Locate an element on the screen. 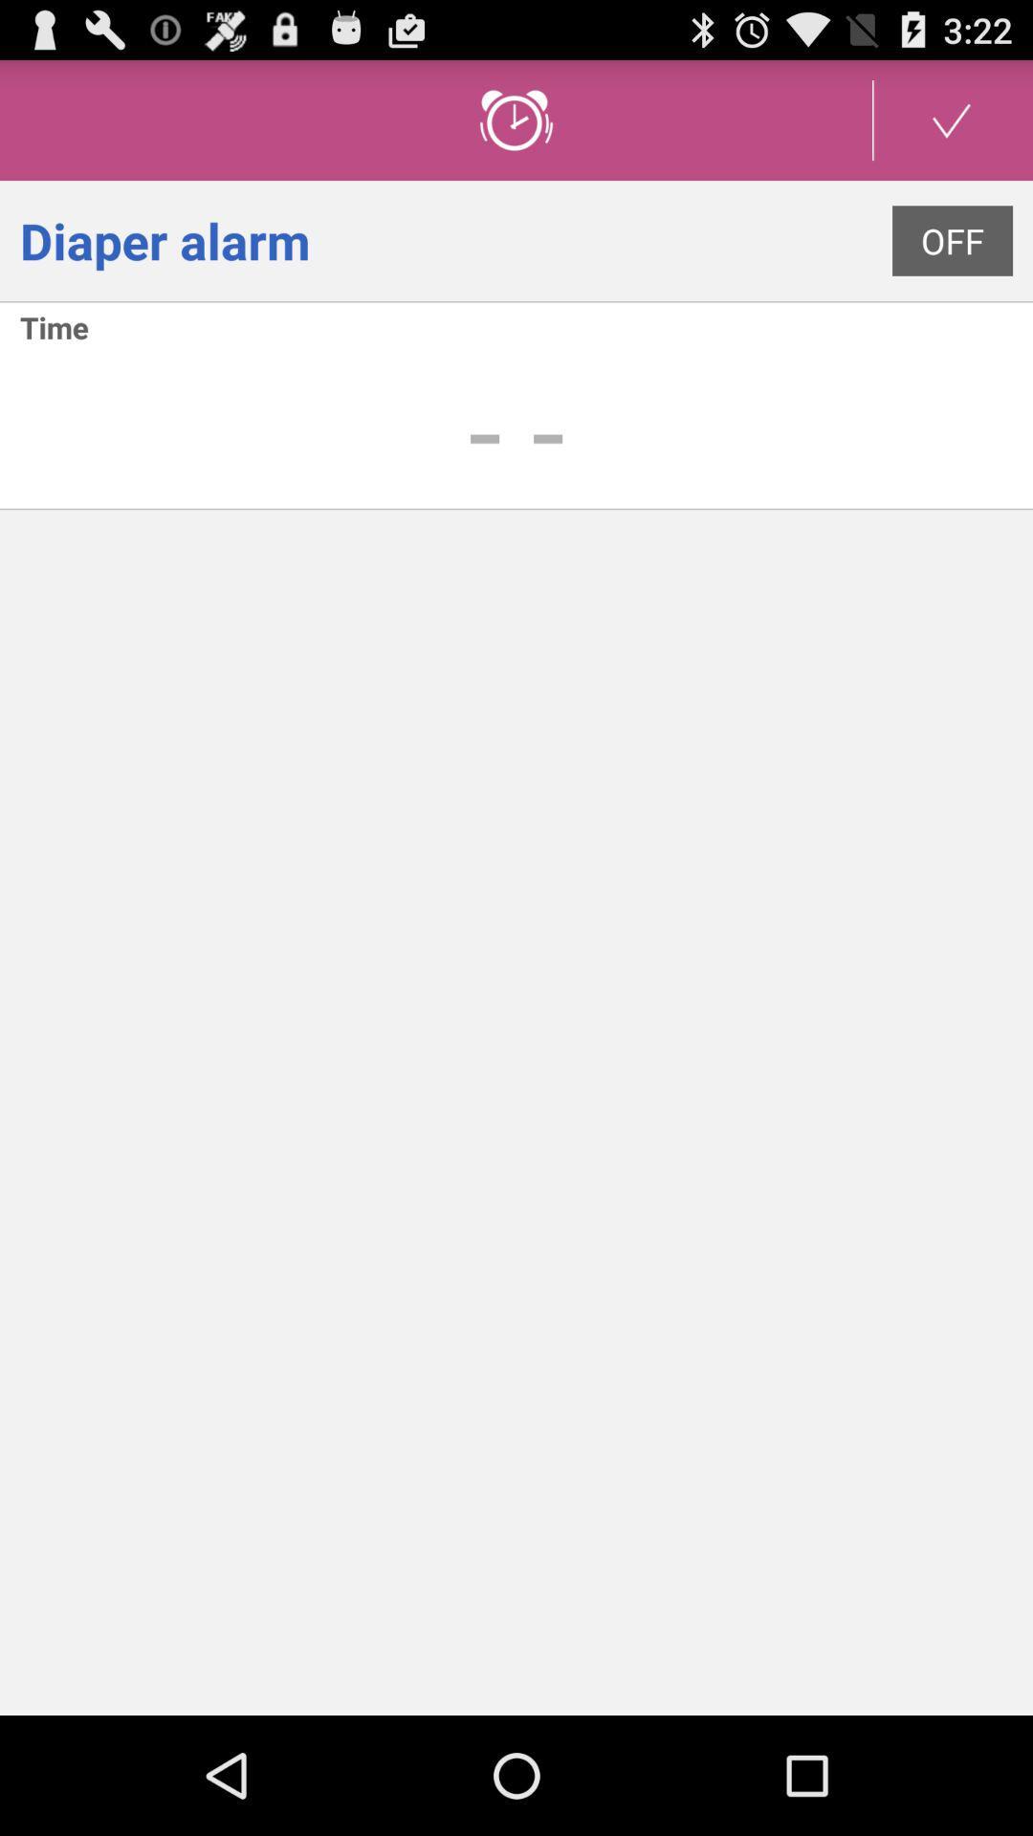 The image size is (1033, 1836). the check icon is located at coordinates (952, 127).